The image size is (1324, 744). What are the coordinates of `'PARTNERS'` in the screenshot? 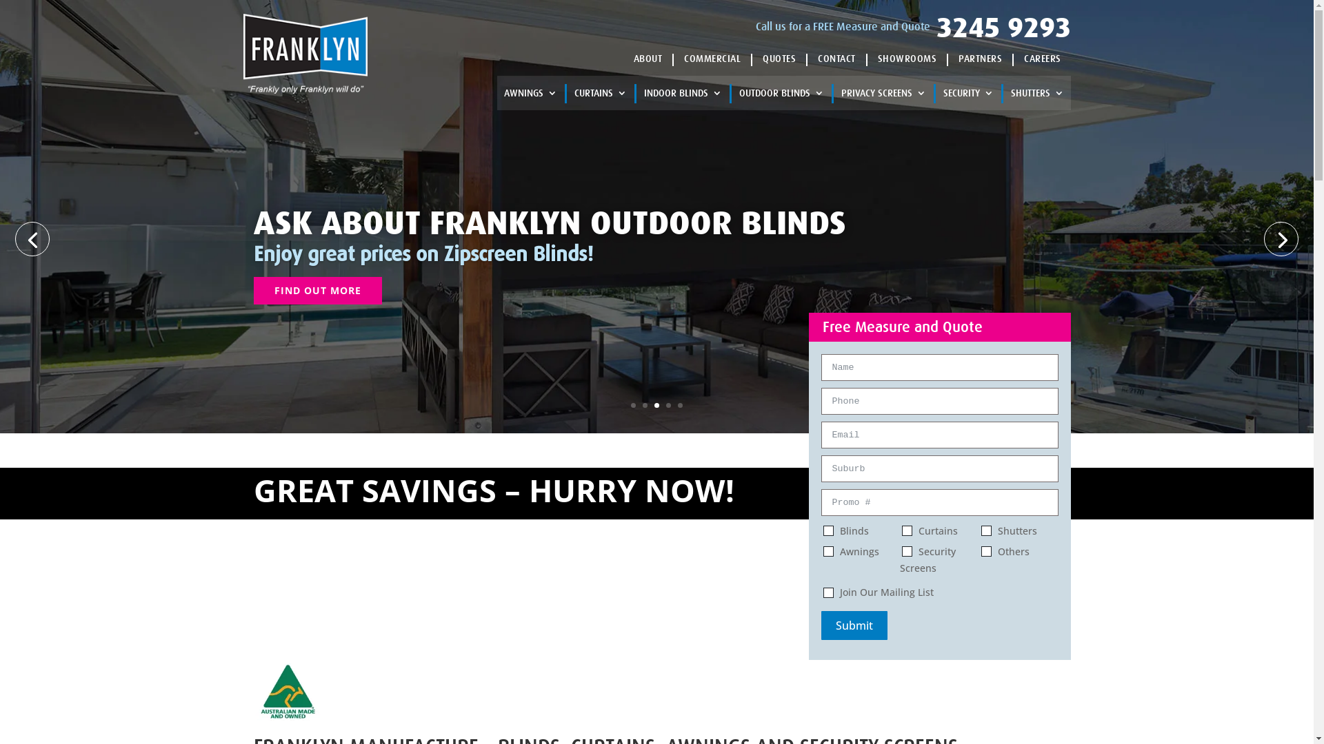 It's located at (958, 57).